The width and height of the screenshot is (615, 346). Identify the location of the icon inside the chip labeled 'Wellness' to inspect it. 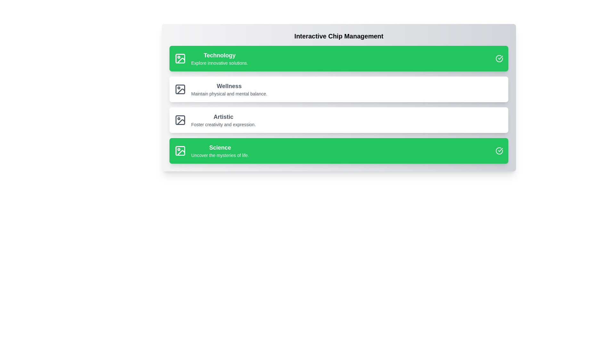
(180, 89).